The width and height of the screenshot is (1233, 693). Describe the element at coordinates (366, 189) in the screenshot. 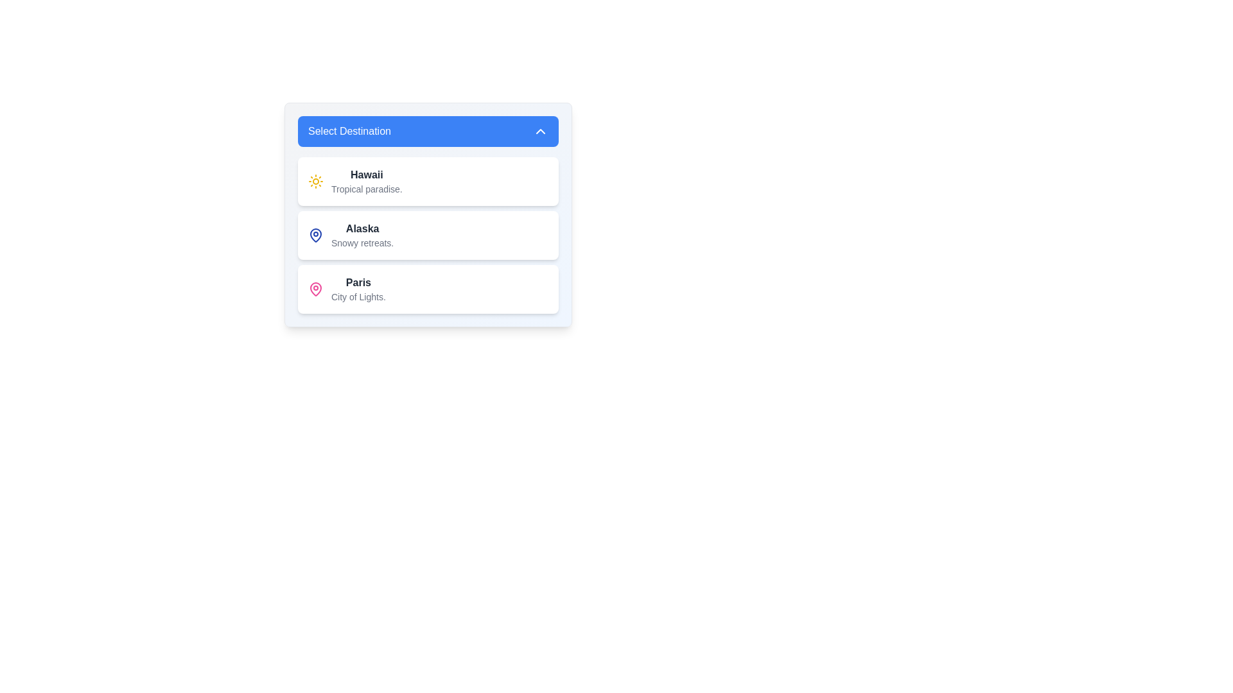

I see `the text element displaying 'Tropical paradise.' which is styled in gray and located below the bold heading 'Hawaii' within the first card entry of a vertically stacked selection menu` at that location.